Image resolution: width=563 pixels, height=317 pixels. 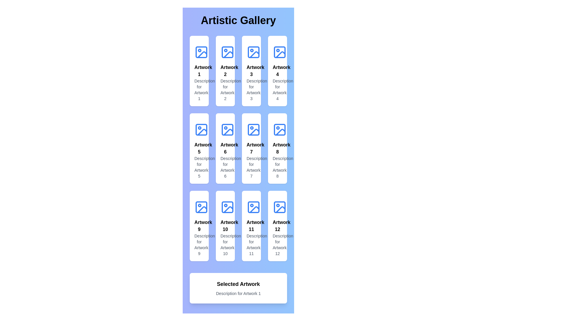 I want to click on the Content card summarizing 'Artwork 12', which is the twelfth card in the last column of the grid, so click(x=277, y=226).